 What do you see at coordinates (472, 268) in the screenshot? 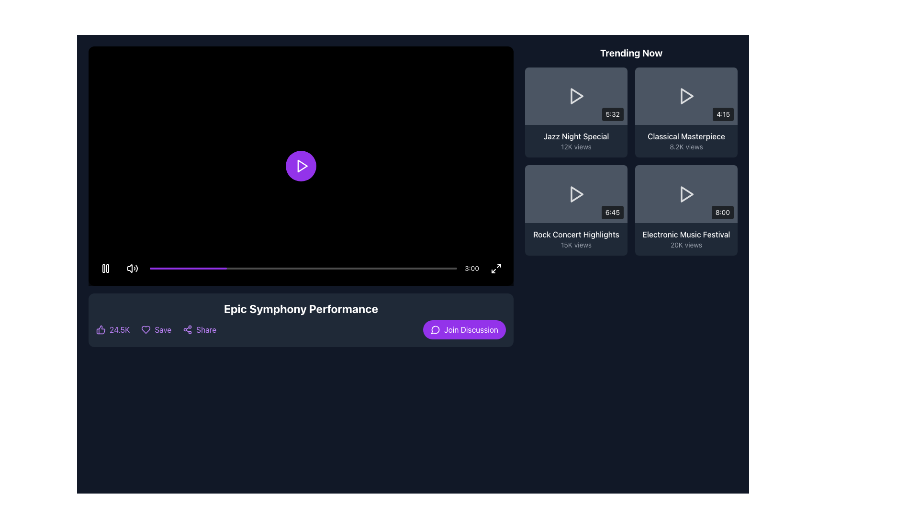
I see `the text label displaying '3:00' in white color, located at the bottom right corner of the video interface, next to the fullscreen icon` at bounding box center [472, 268].